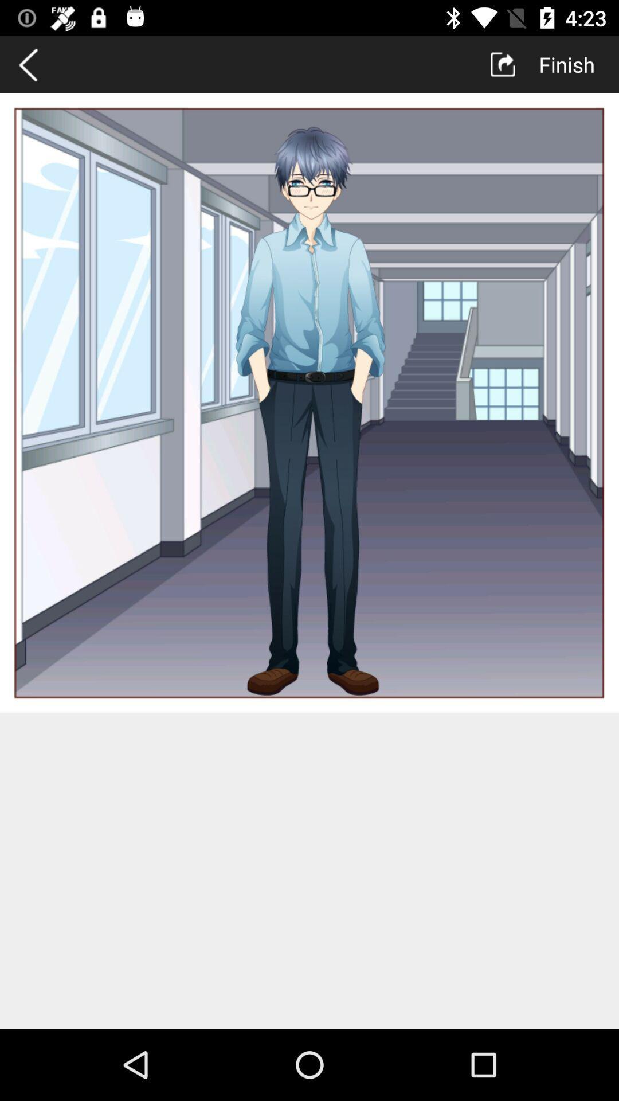  Describe the element at coordinates (28, 64) in the screenshot. I see `the arrow_backward icon` at that location.